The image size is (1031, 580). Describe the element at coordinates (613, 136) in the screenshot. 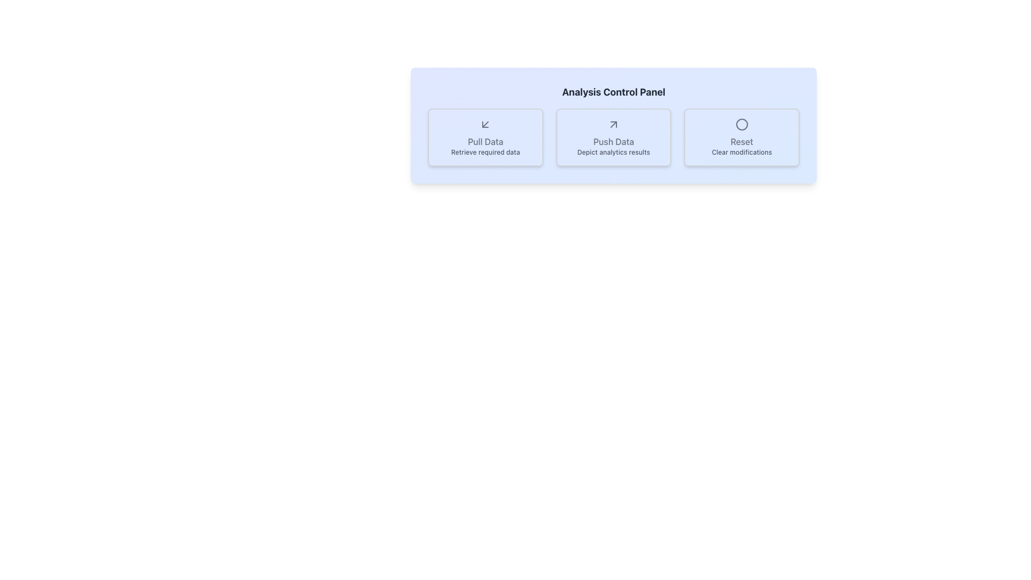

I see `the 'Push Data' button in the 'Analysis Control Panel'` at that location.